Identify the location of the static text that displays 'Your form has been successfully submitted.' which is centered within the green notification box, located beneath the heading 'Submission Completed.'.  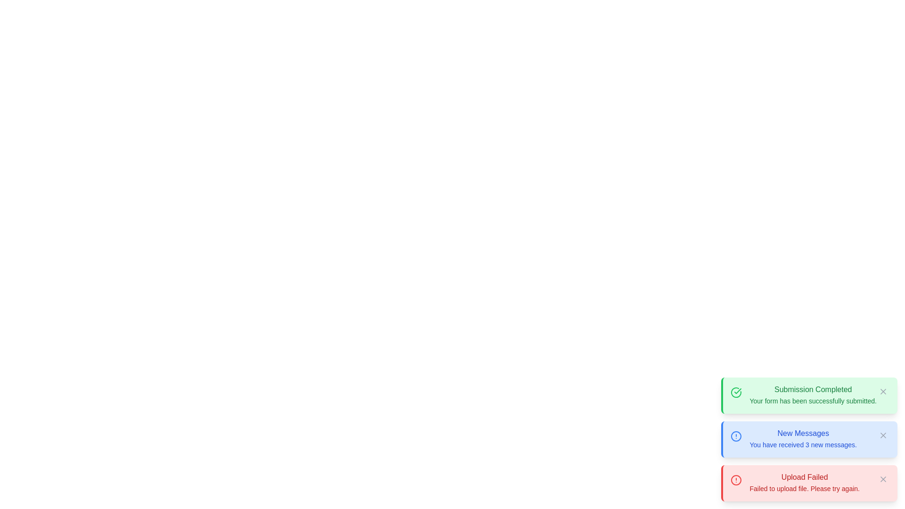
(813, 401).